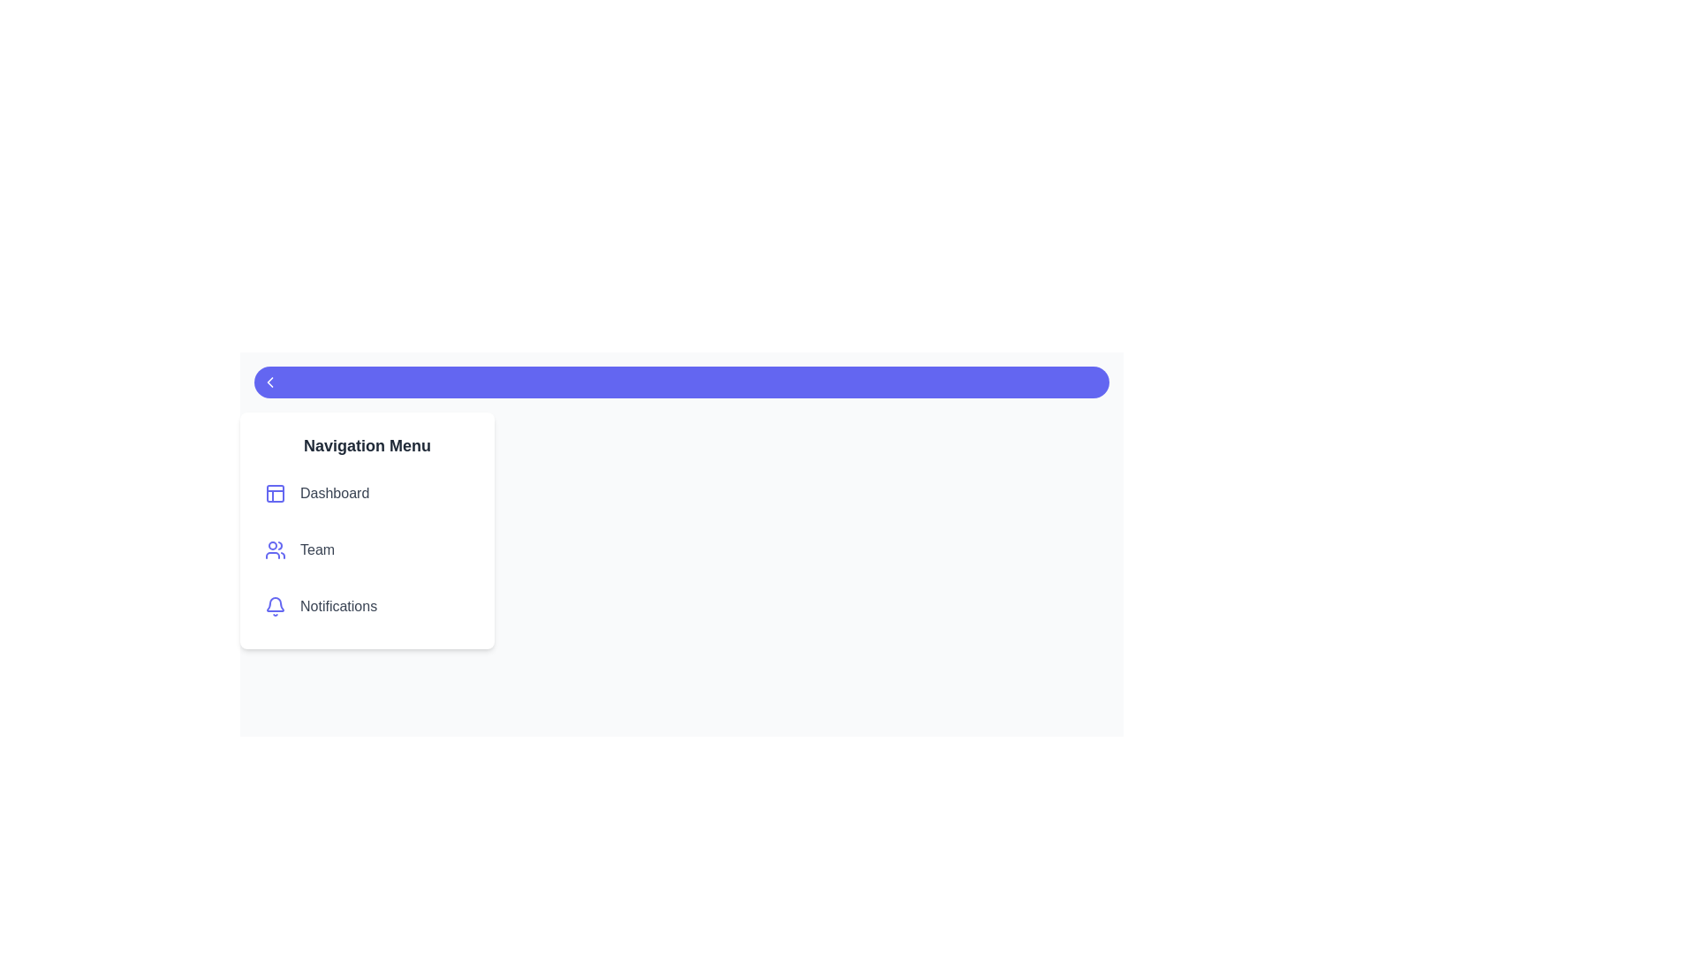 This screenshot has width=1696, height=954. What do you see at coordinates (367, 494) in the screenshot?
I see `the menu item labeled Dashboard to observe the visual feedback` at bounding box center [367, 494].